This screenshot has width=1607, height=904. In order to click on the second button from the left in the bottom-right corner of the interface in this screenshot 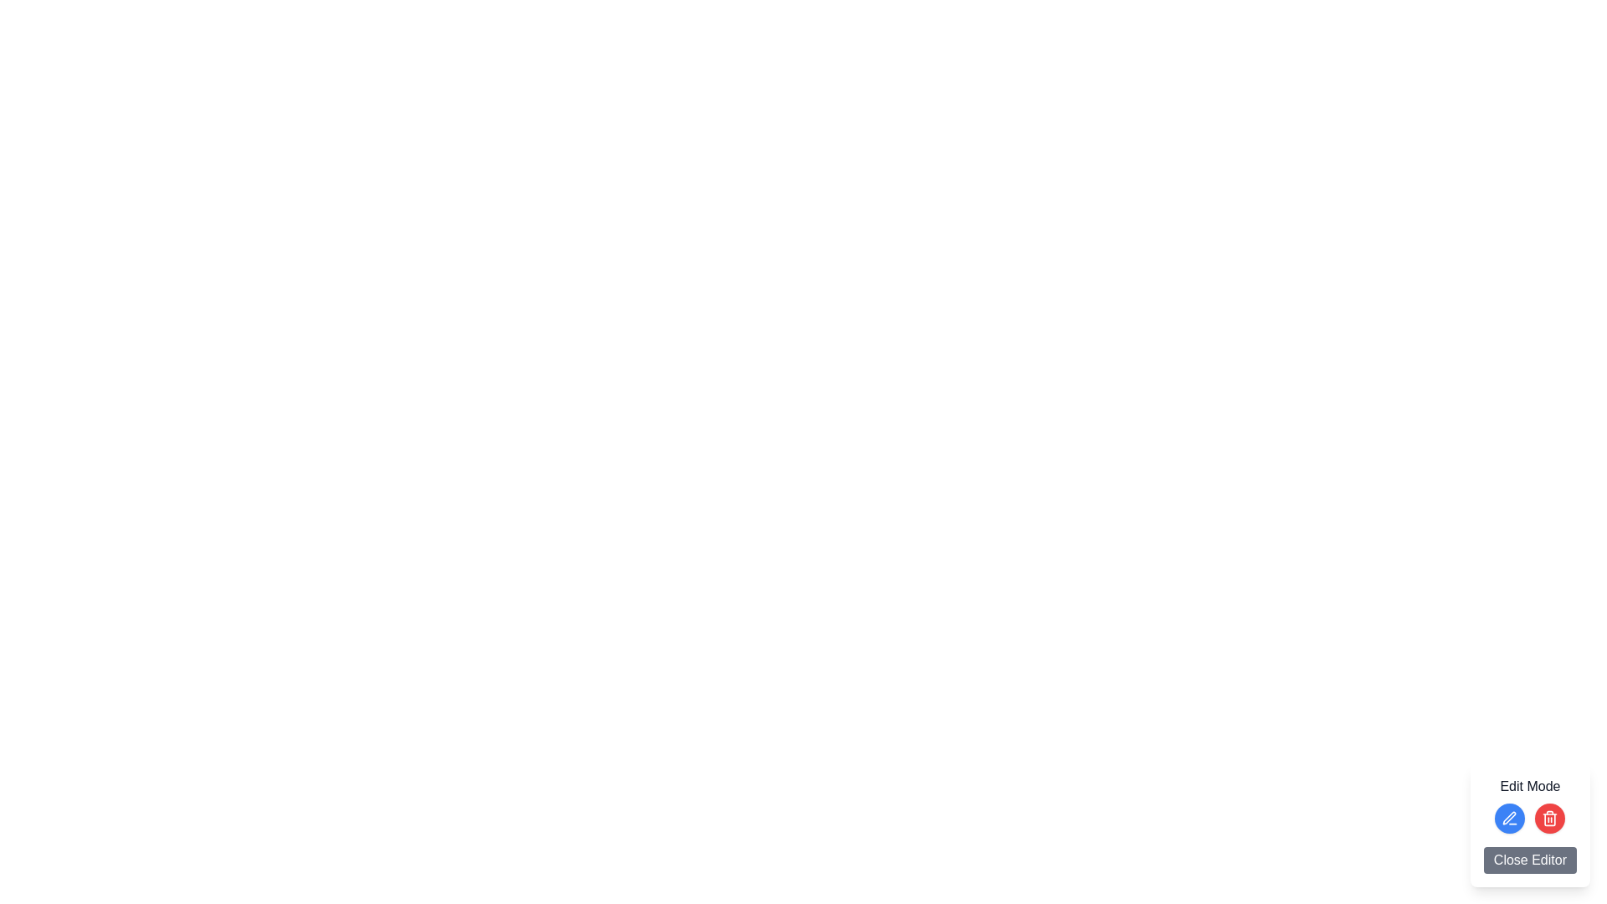, I will do `click(1549, 818)`.